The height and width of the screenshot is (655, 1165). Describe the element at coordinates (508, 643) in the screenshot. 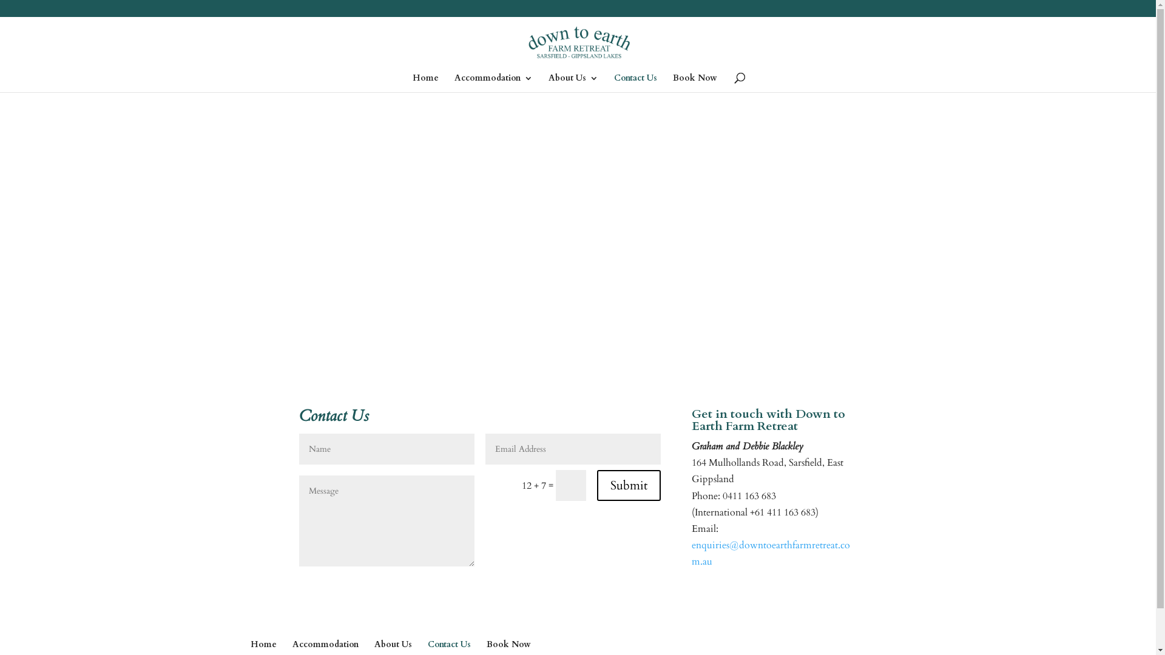

I see `'Book Now'` at that location.